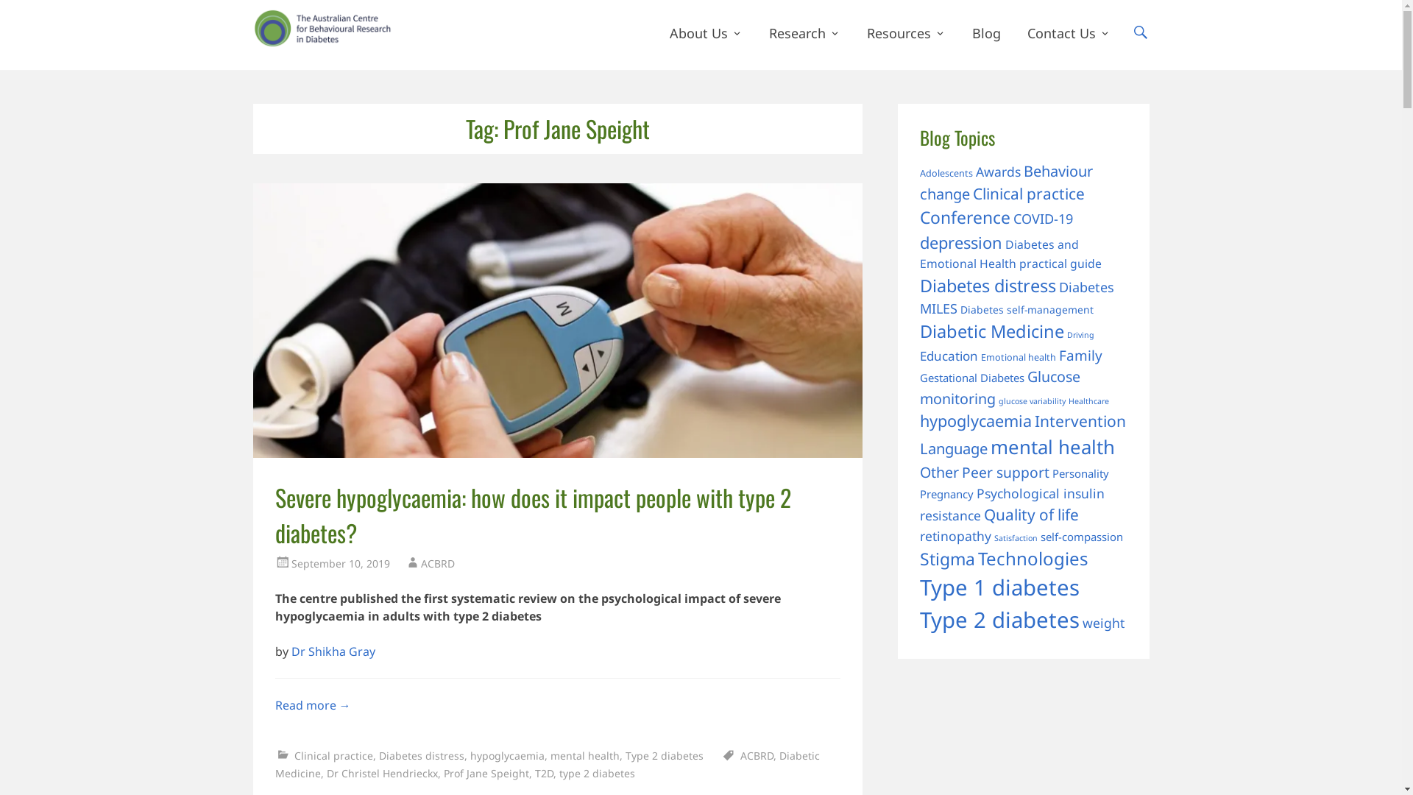 The image size is (1413, 795). What do you see at coordinates (1011, 503) in the screenshot?
I see `'Psychological insulin resistance'` at bounding box center [1011, 503].